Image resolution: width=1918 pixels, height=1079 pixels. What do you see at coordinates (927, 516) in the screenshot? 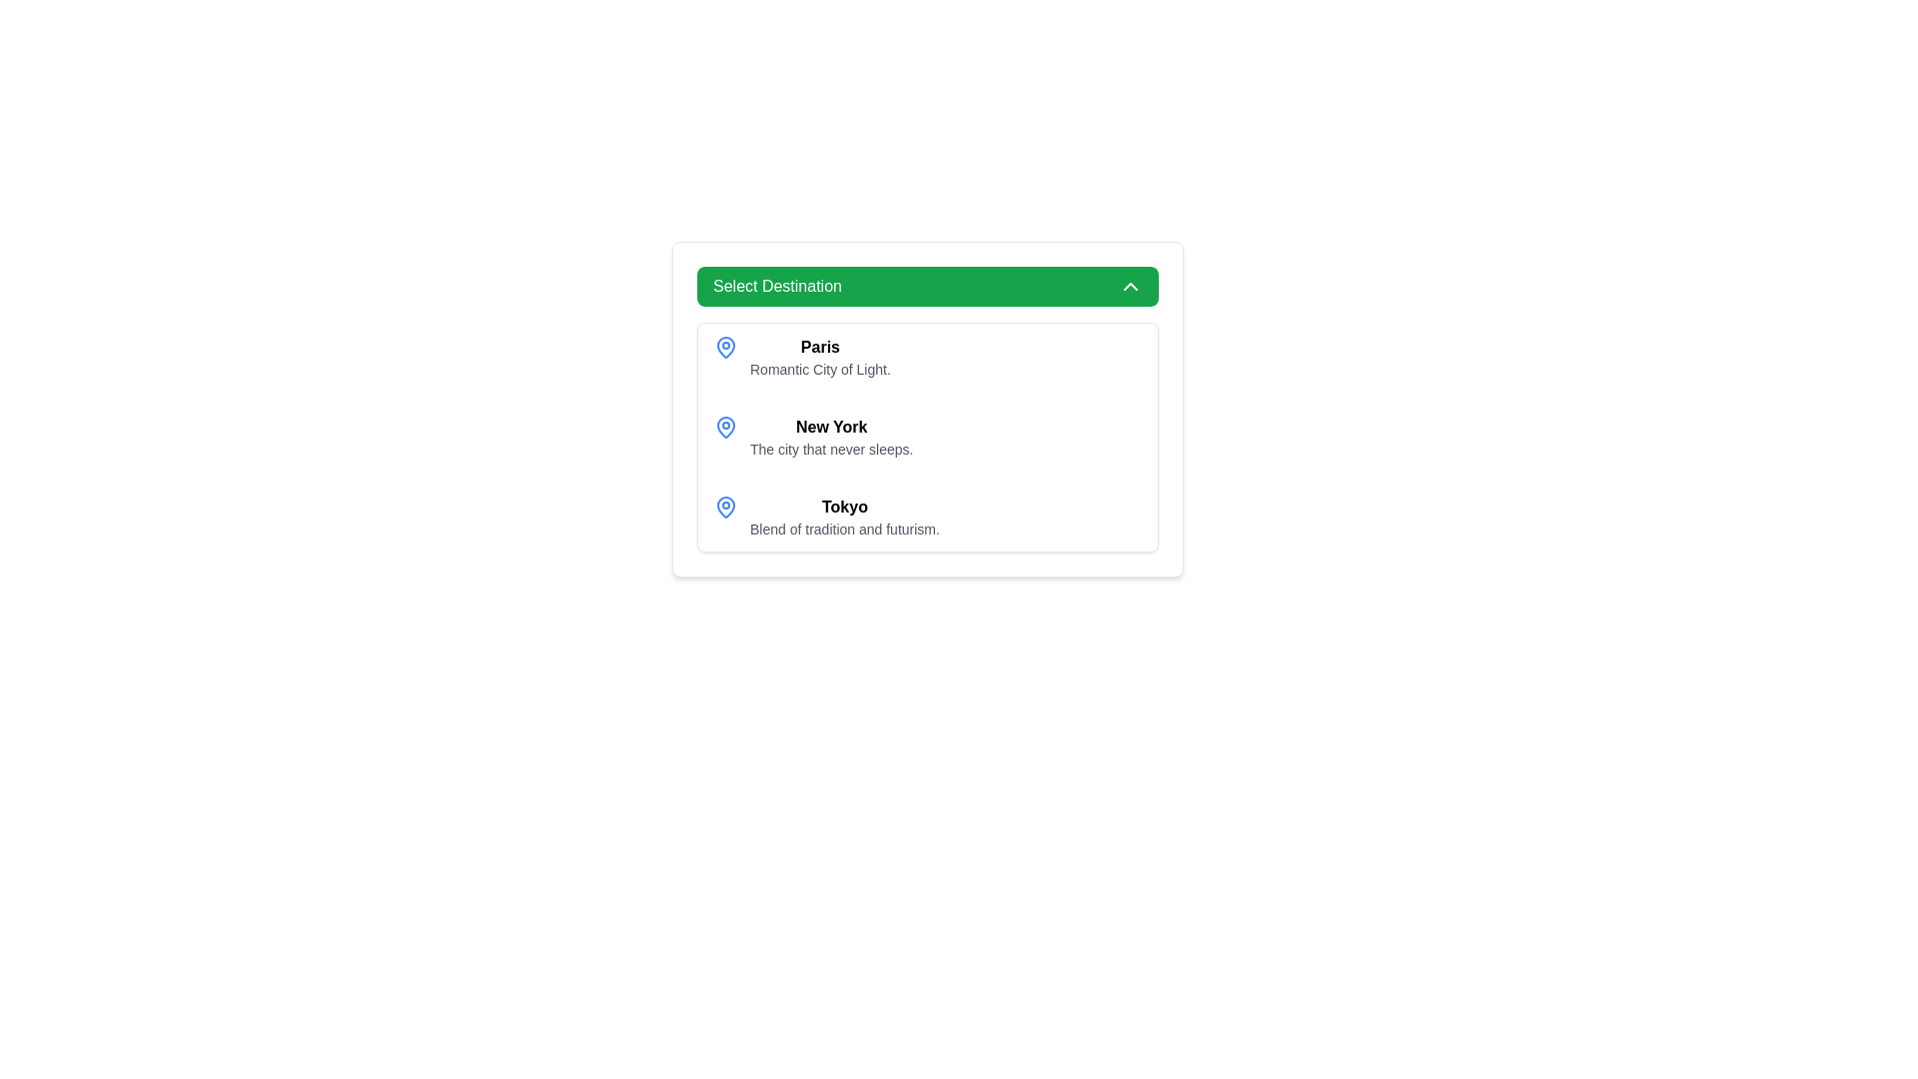
I see `to select the list item 'Tokyo' in the dropdown menu, which features a bold title and a blue location pin icon` at bounding box center [927, 516].